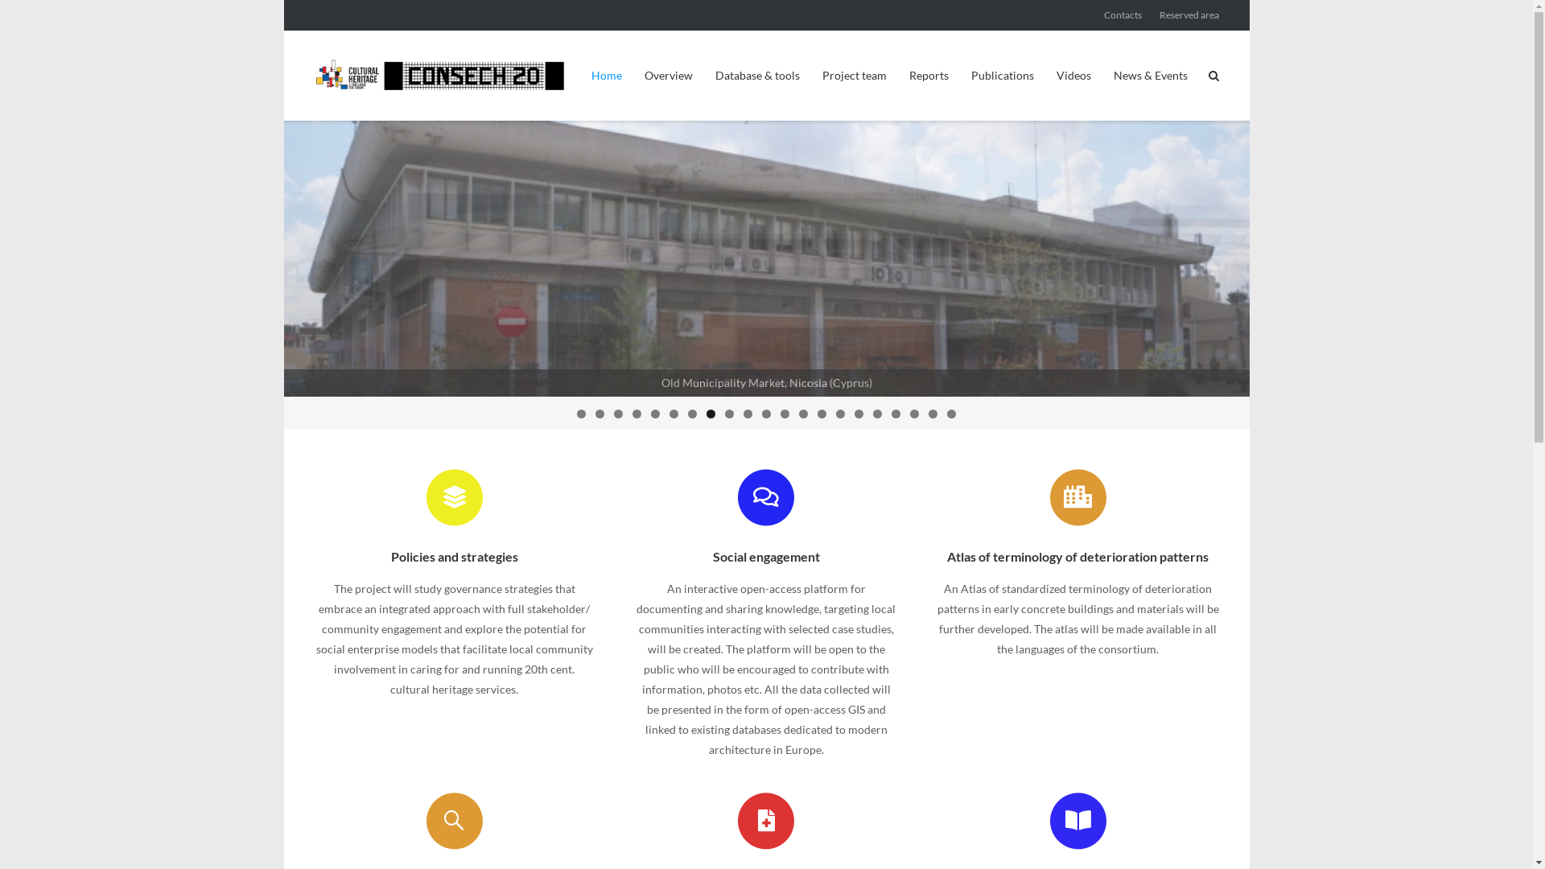  What do you see at coordinates (747, 413) in the screenshot?
I see `'10'` at bounding box center [747, 413].